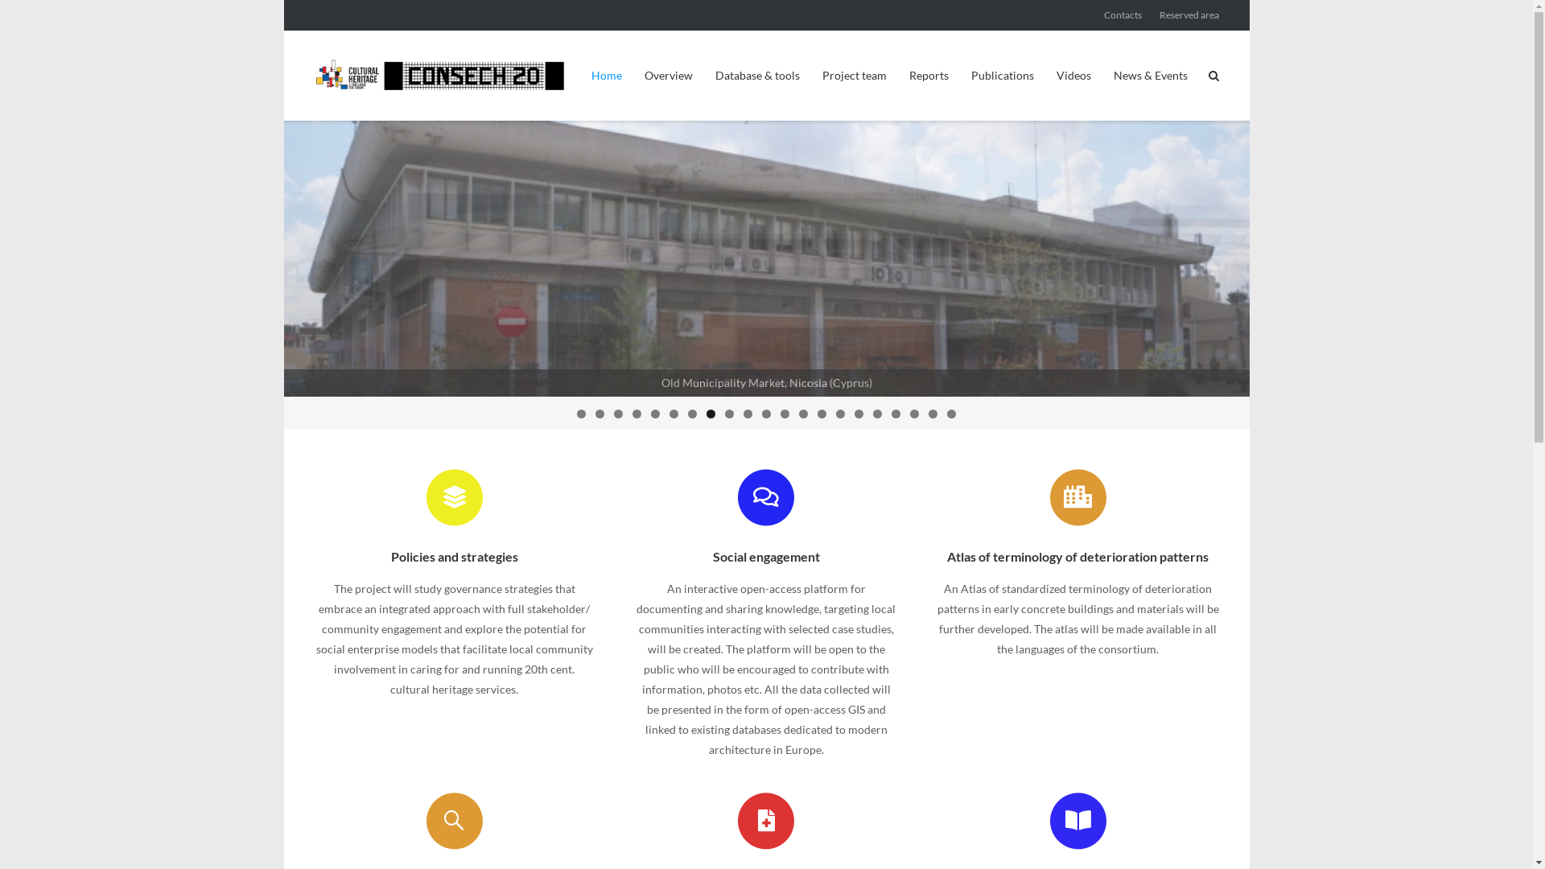  What do you see at coordinates (747, 413) in the screenshot?
I see `'10'` at bounding box center [747, 413].